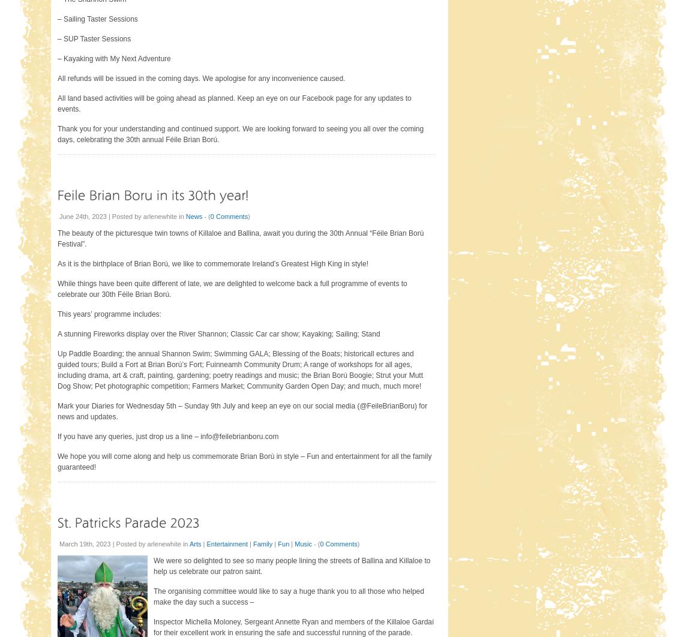 This screenshot has width=684, height=637. What do you see at coordinates (240, 134) in the screenshot?
I see `'Thank you for your understanding and continued support. We are looking forward to seeing you all over the coming days, celebrating the 30th annual Féile Brian Ború.'` at bounding box center [240, 134].